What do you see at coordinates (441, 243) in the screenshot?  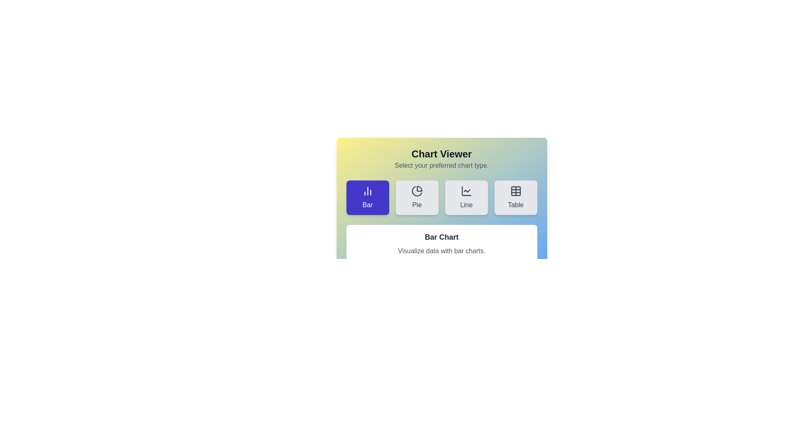 I see `the Informational Panel displaying 'Bar Chart' and 'Visualize data with bar charts.'` at bounding box center [441, 243].